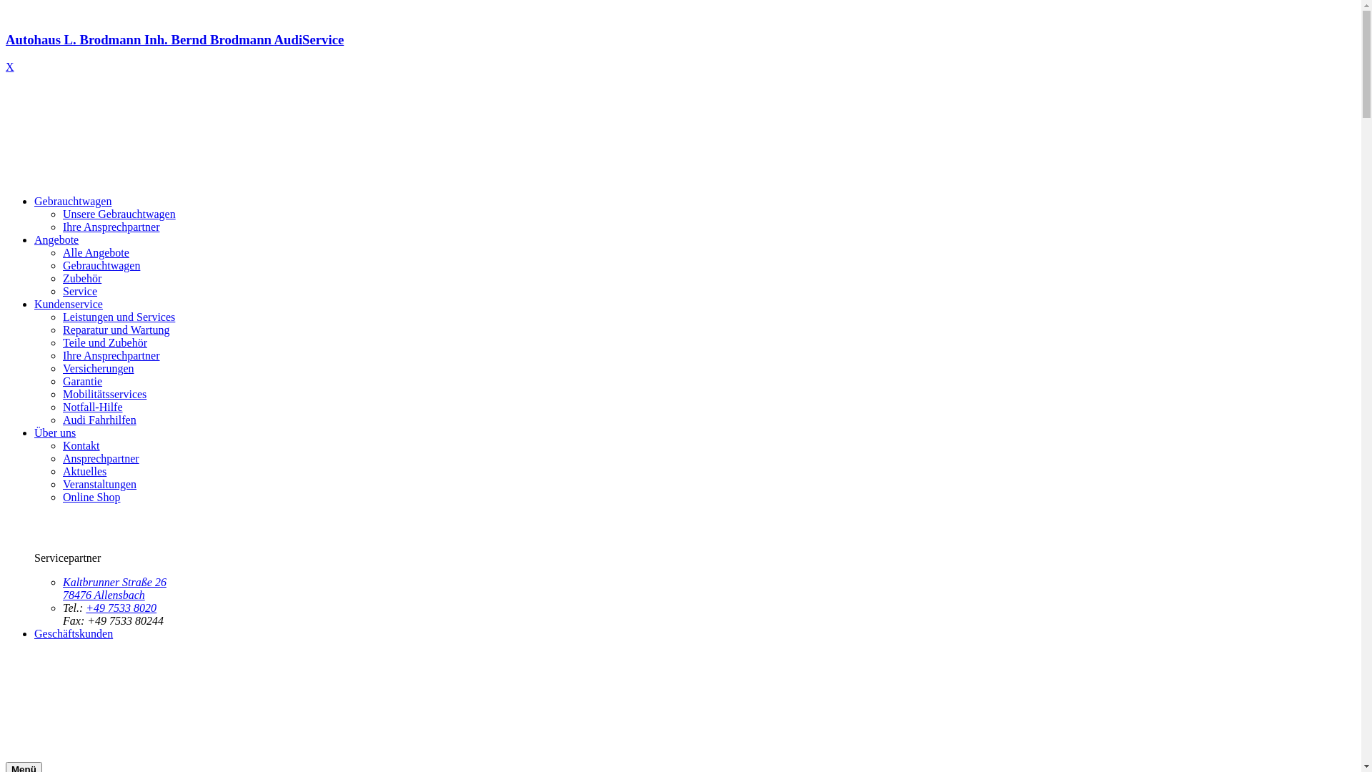 This screenshot has height=772, width=1372. I want to click on 'Leistungen und Services', so click(61, 316).